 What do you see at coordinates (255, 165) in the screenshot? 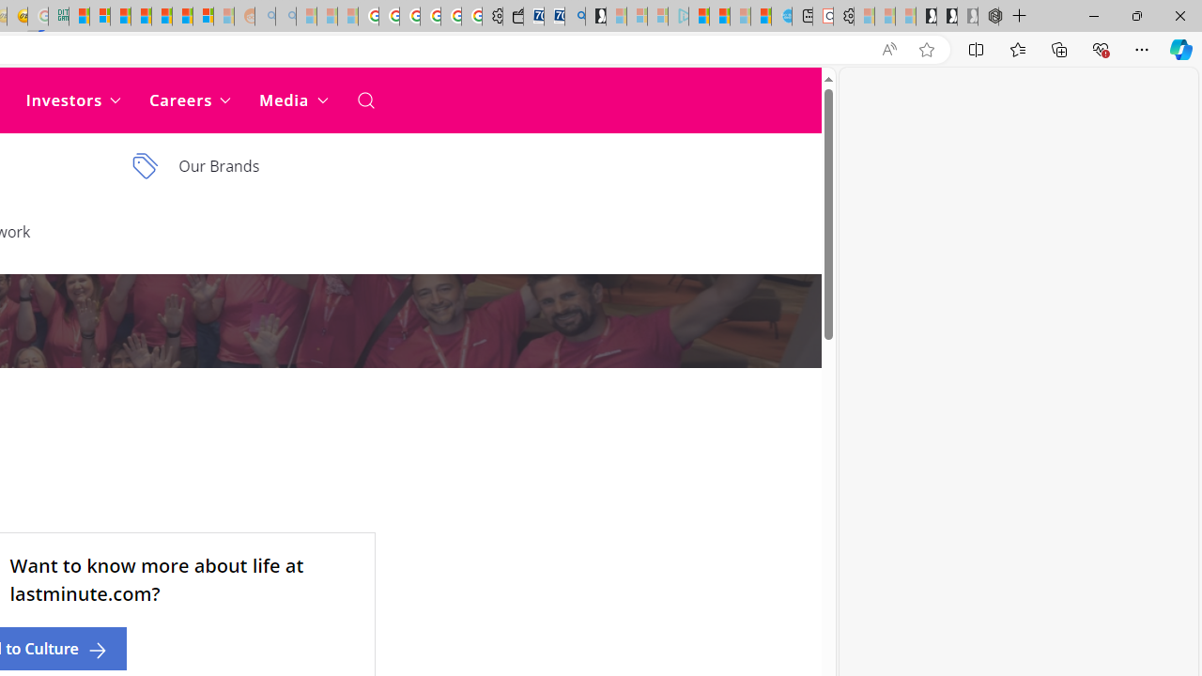
I see `'Our Brands'` at bounding box center [255, 165].